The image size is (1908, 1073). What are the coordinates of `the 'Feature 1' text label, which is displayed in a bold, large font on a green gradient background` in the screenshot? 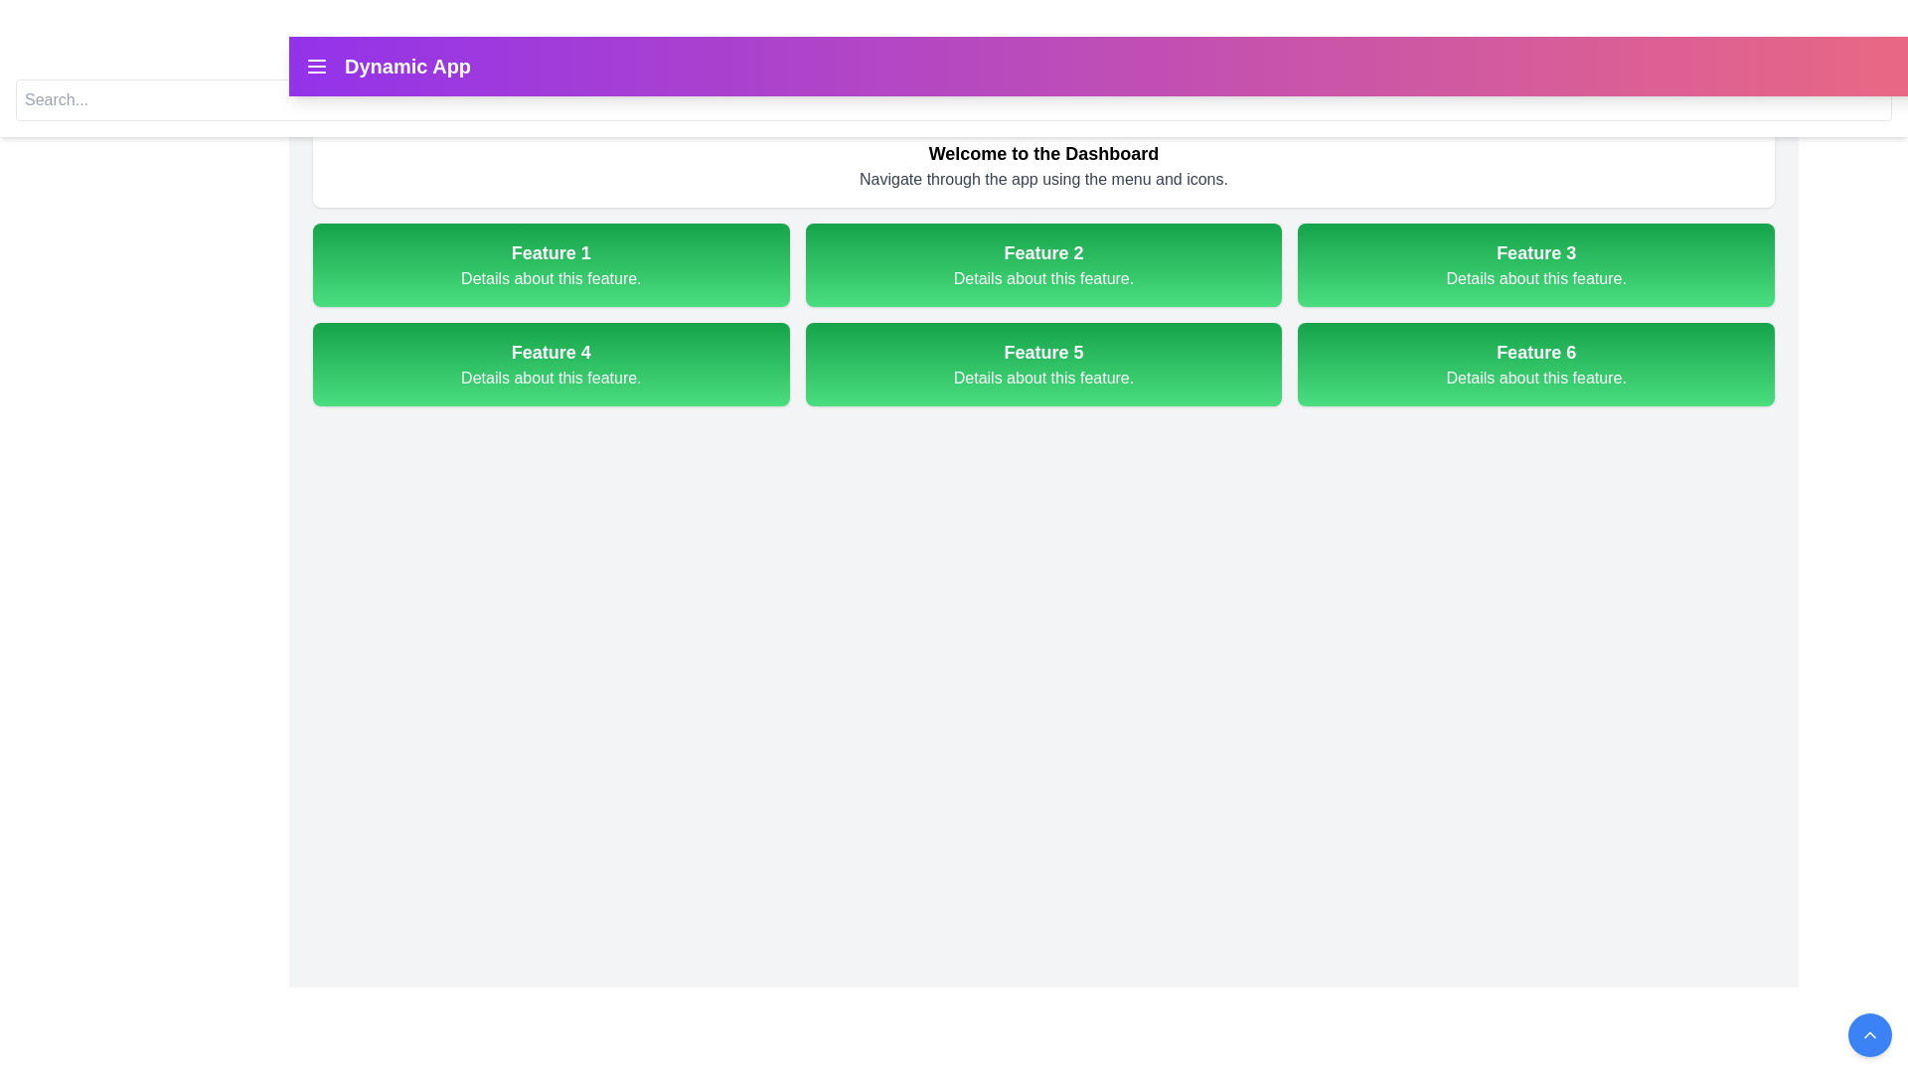 It's located at (551, 251).